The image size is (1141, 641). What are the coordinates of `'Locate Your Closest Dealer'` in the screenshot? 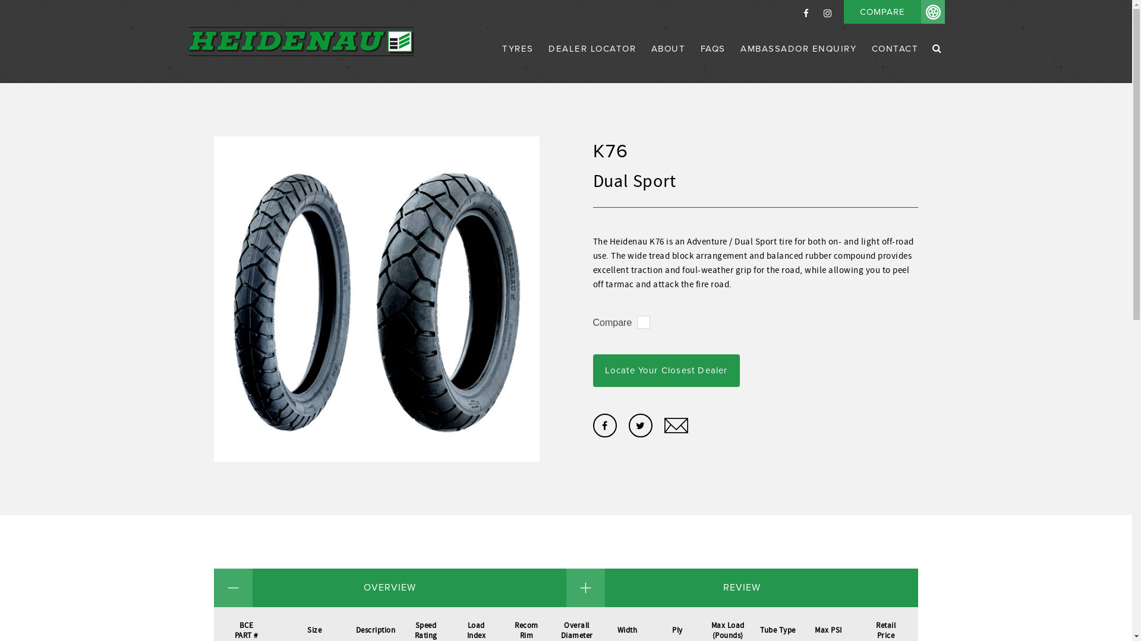 It's located at (593, 370).